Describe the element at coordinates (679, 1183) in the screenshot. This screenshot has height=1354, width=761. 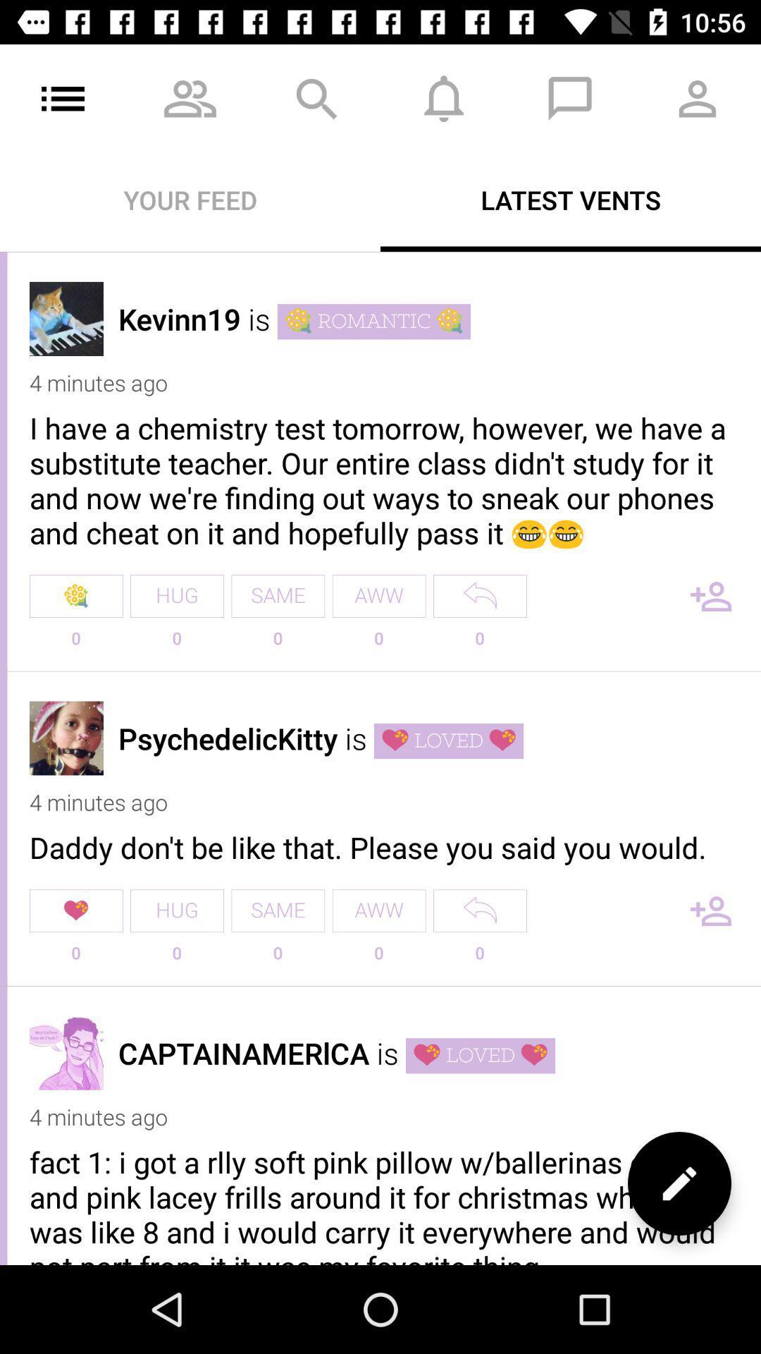
I see `the edit icon` at that location.